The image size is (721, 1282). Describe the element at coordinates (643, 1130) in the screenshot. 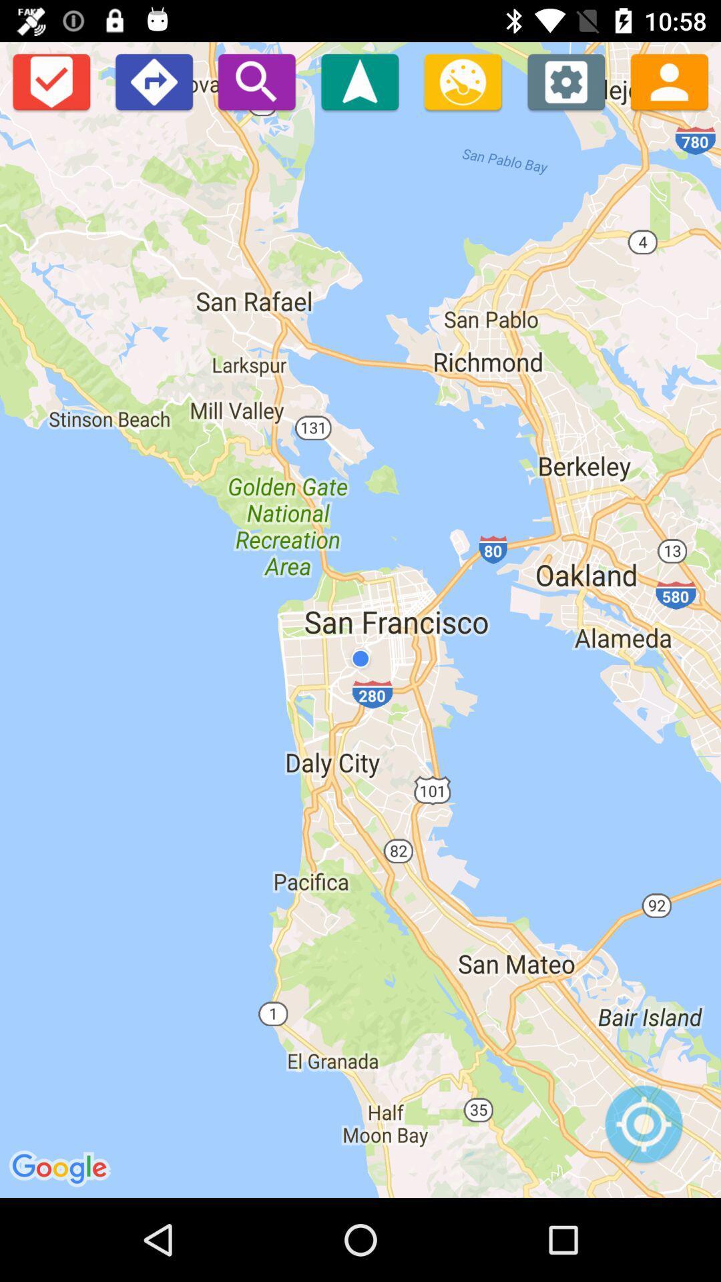

I see `use your location` at that location.